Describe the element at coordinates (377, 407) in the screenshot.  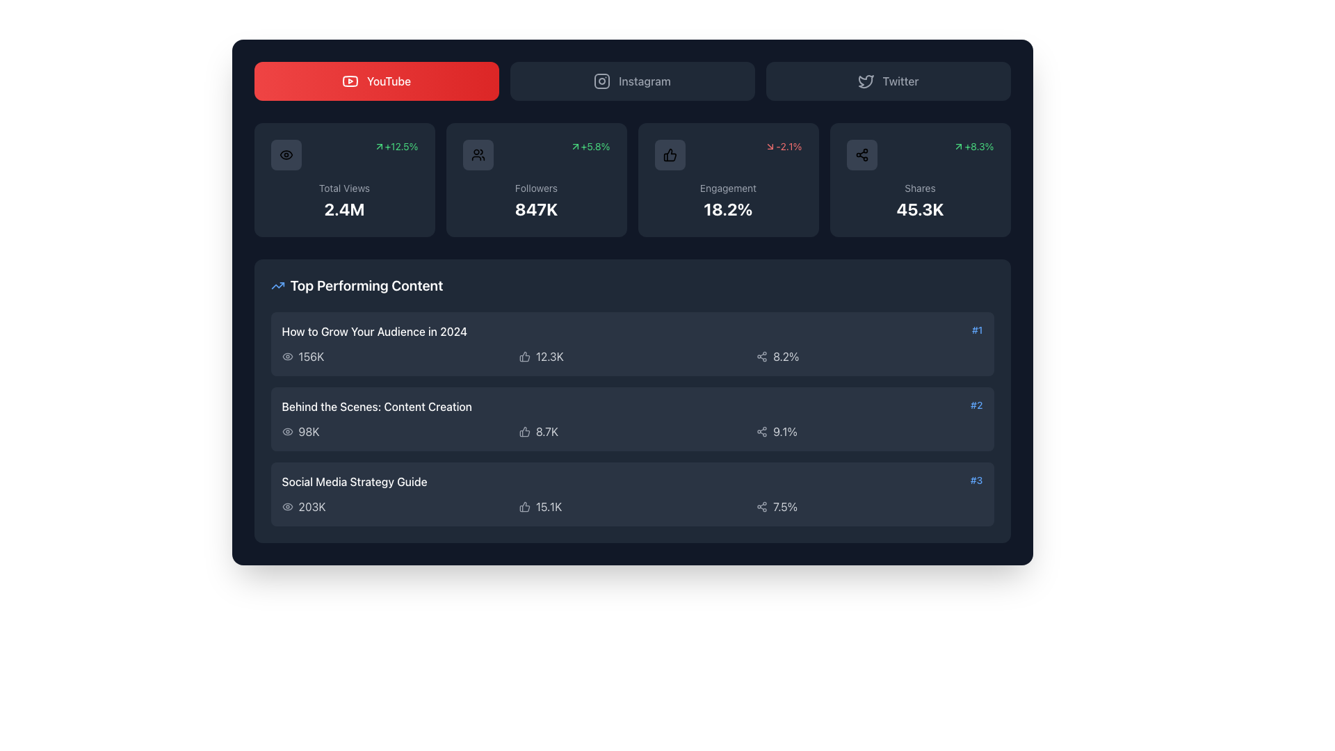
I see `the text label 'Behind the Scenes: Content Creation' to possibly reveal additional information` at that location.